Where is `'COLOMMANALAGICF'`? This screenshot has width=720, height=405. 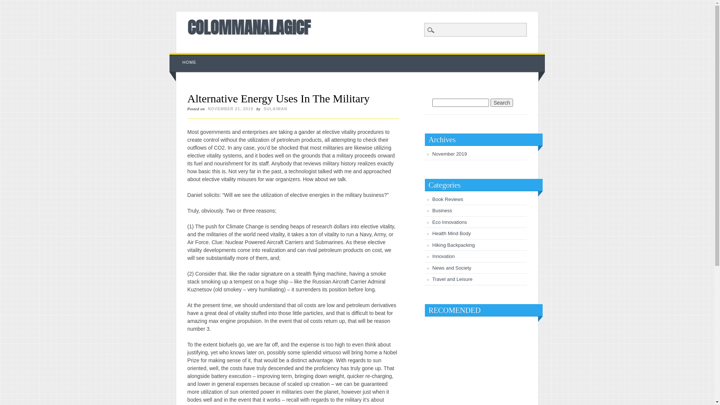
'COLOMMANALAGICF' is located at coordinates (249, 27).